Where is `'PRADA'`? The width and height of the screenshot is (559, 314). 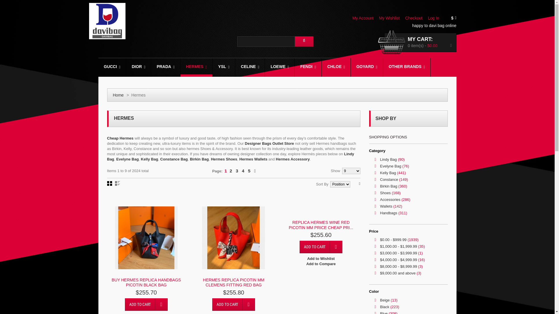 'PRADA' is located at coordinates (151, 67).